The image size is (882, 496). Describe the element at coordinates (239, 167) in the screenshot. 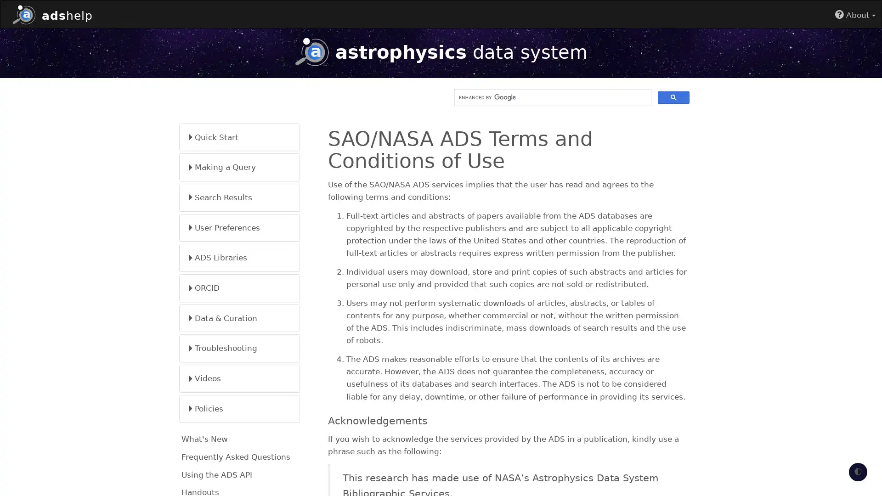

I see `Making a Query` at that location.